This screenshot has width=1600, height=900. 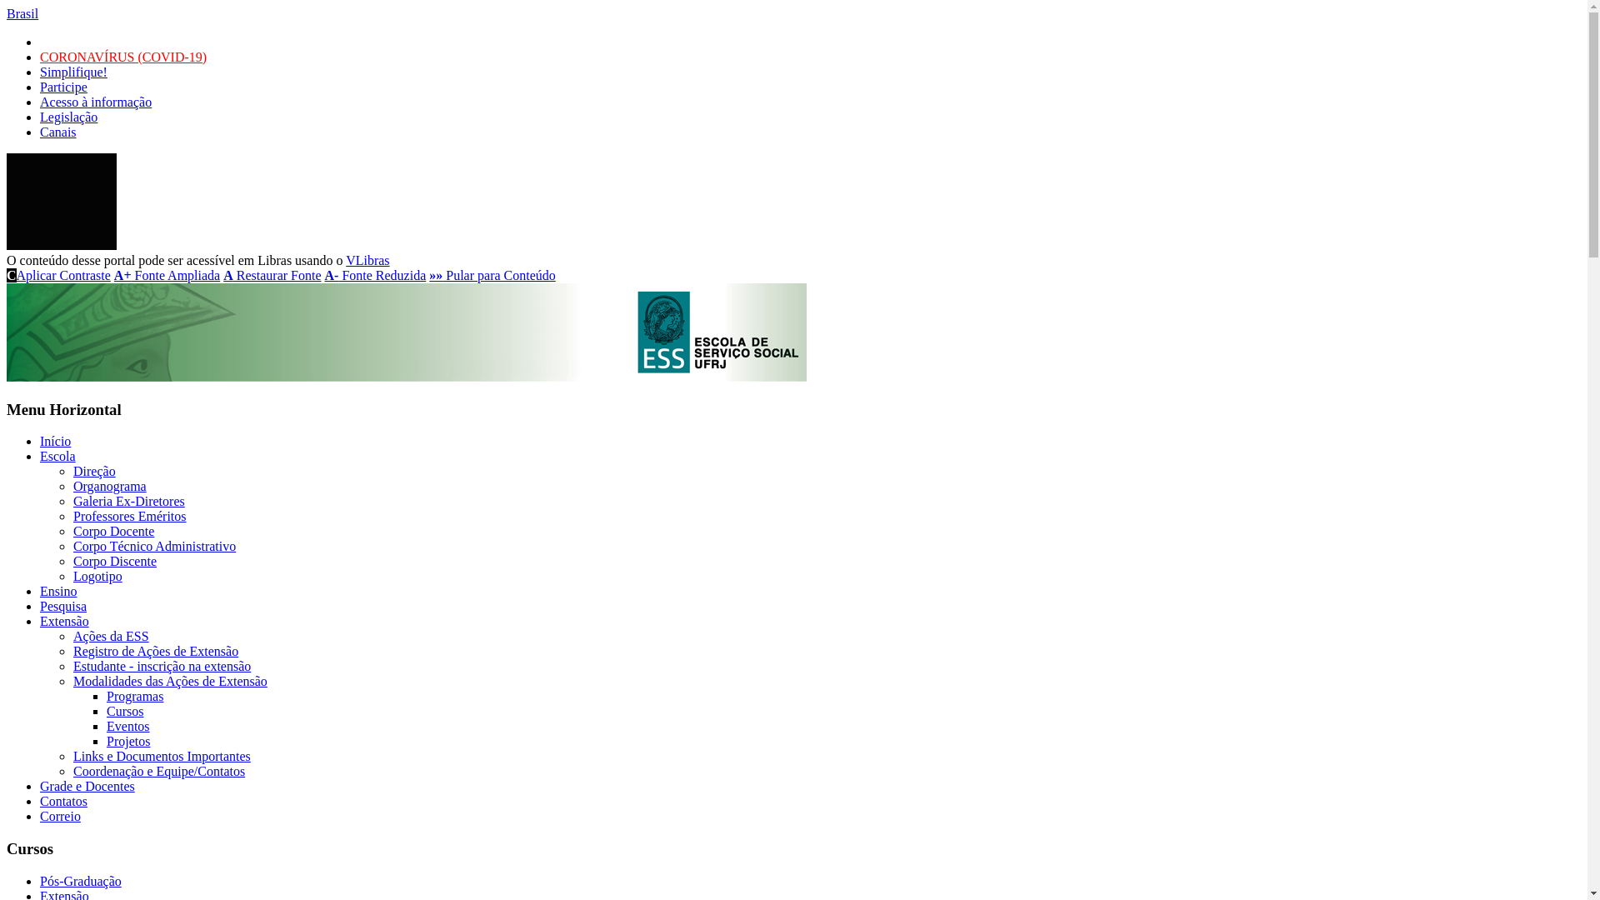 I want to click on 'Grade e Docentes', so click(x=87, y=786).